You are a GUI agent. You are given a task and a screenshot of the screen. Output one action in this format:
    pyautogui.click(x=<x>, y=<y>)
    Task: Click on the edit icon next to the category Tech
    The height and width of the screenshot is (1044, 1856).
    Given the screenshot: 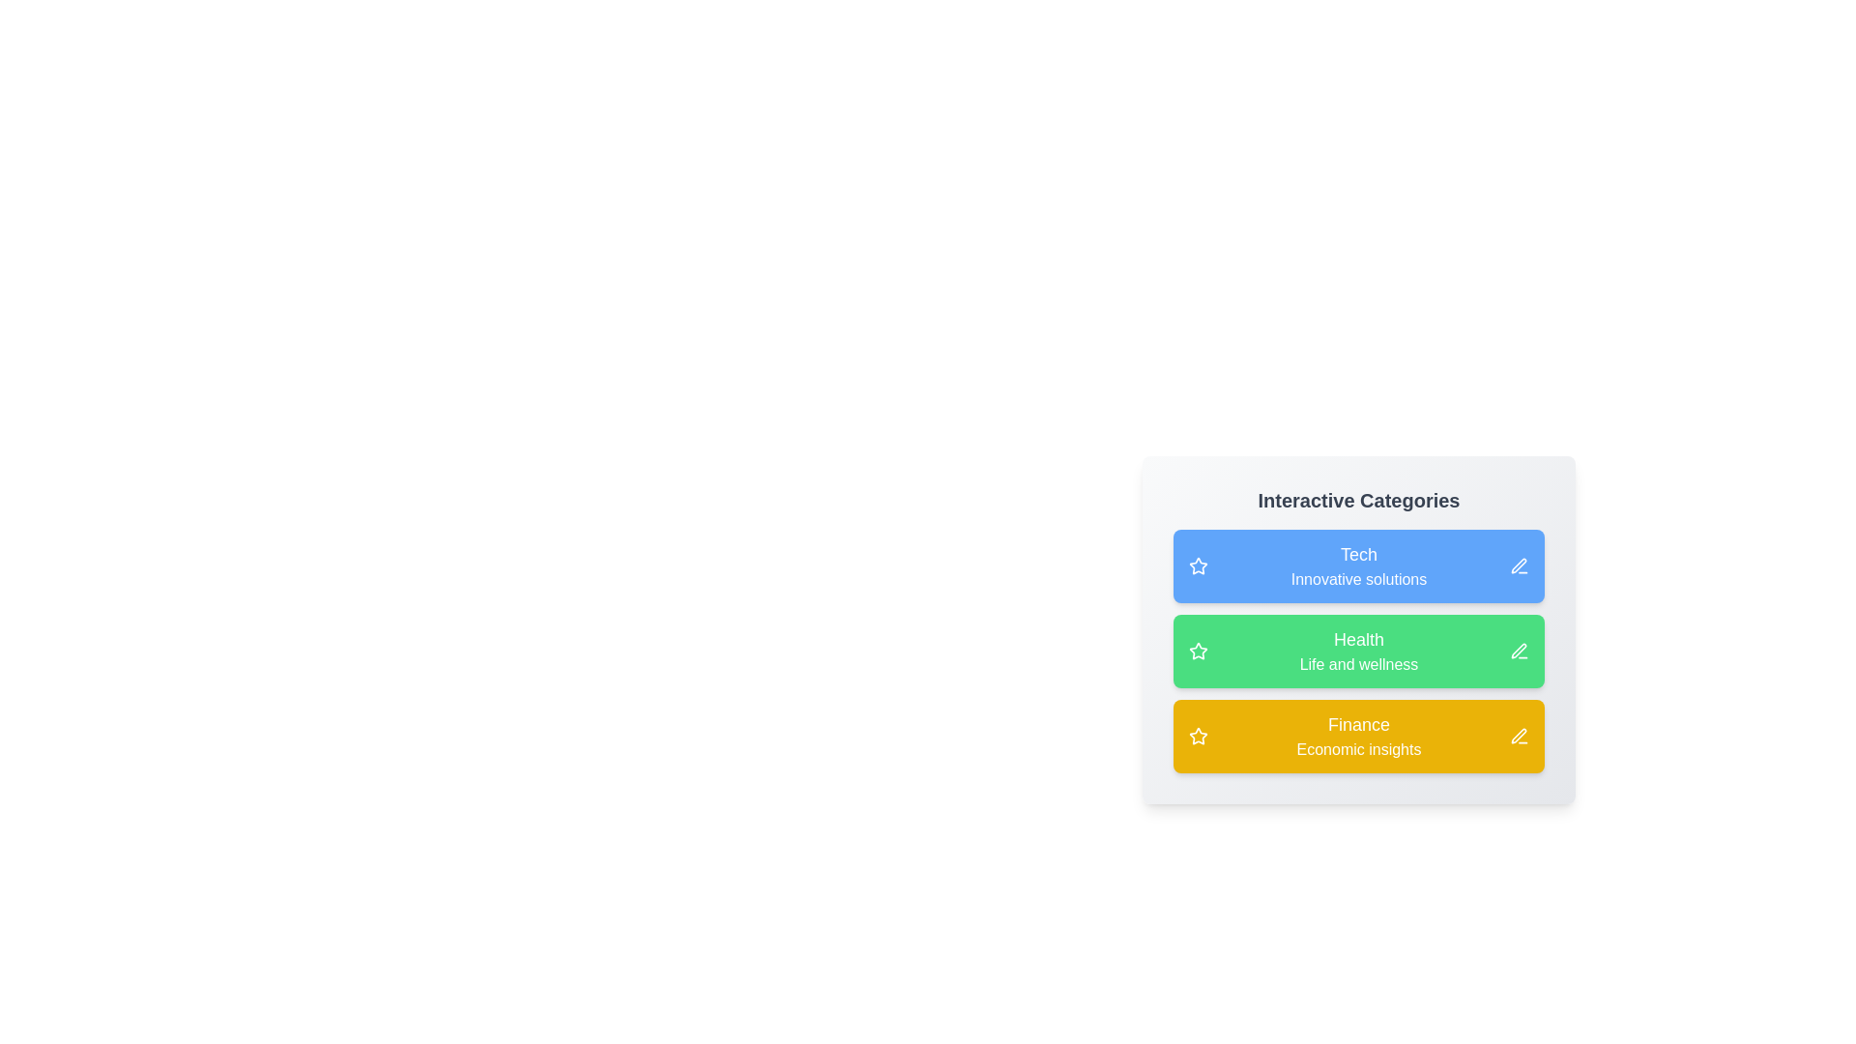 What is the action you would take?
    pyautogui.click(x=1518, y=565)
    